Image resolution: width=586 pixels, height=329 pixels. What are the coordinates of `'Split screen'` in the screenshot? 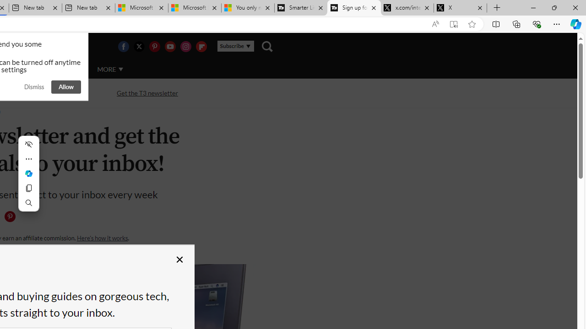 It's located at (495, 23).